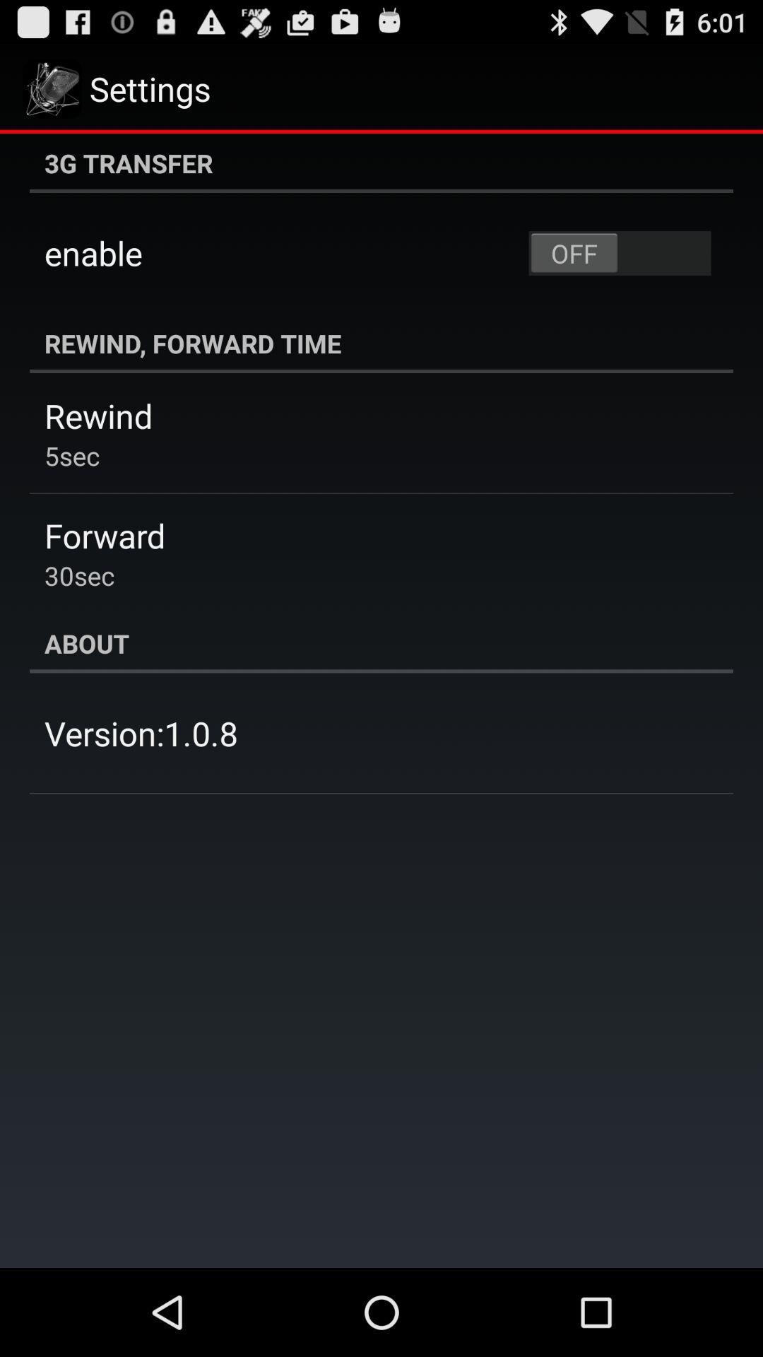 Image resolution: width=763 pixels, height=1357 pixels. What do you see at coordinates (619, 253) in the screenshot?
I see `the icon to the right of enable icon` at bounding box center [619, 253].